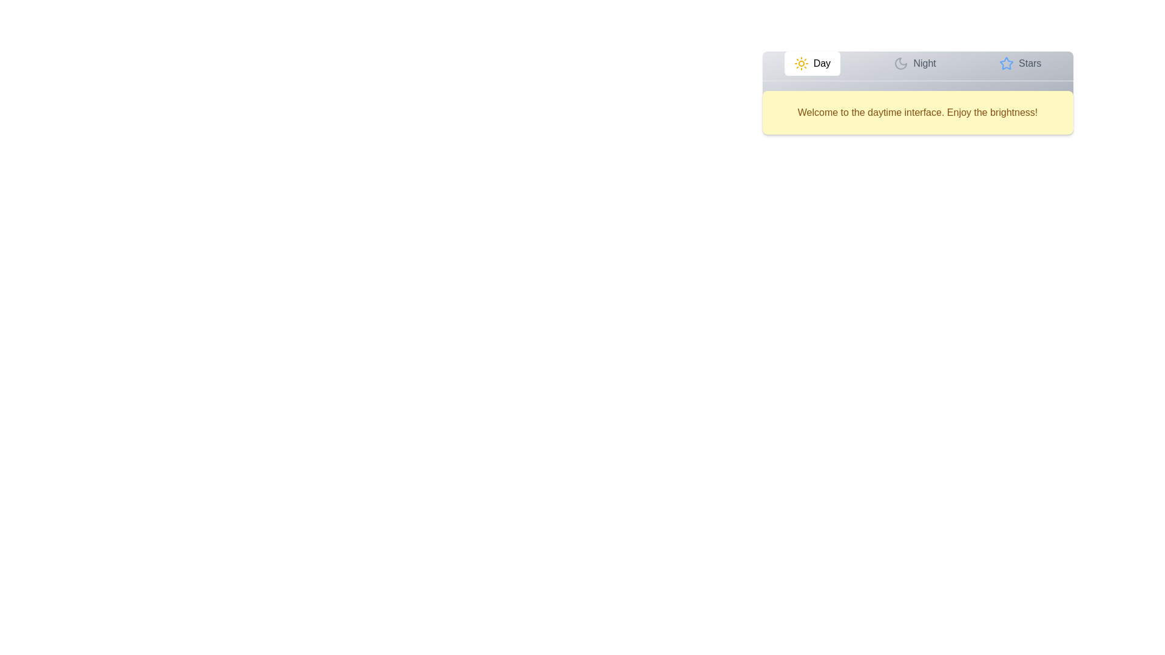 The image size is (1165, 655). I want to click on the button labeled Day to observe its hover effect, so click(812, 63).